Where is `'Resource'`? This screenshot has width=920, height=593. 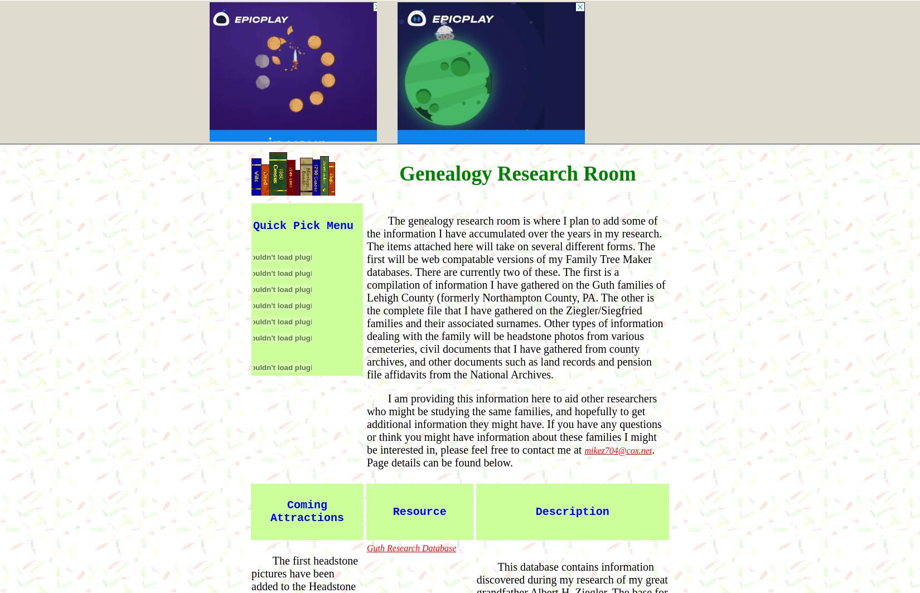 'Resource' is located at coordinates (419, 511).